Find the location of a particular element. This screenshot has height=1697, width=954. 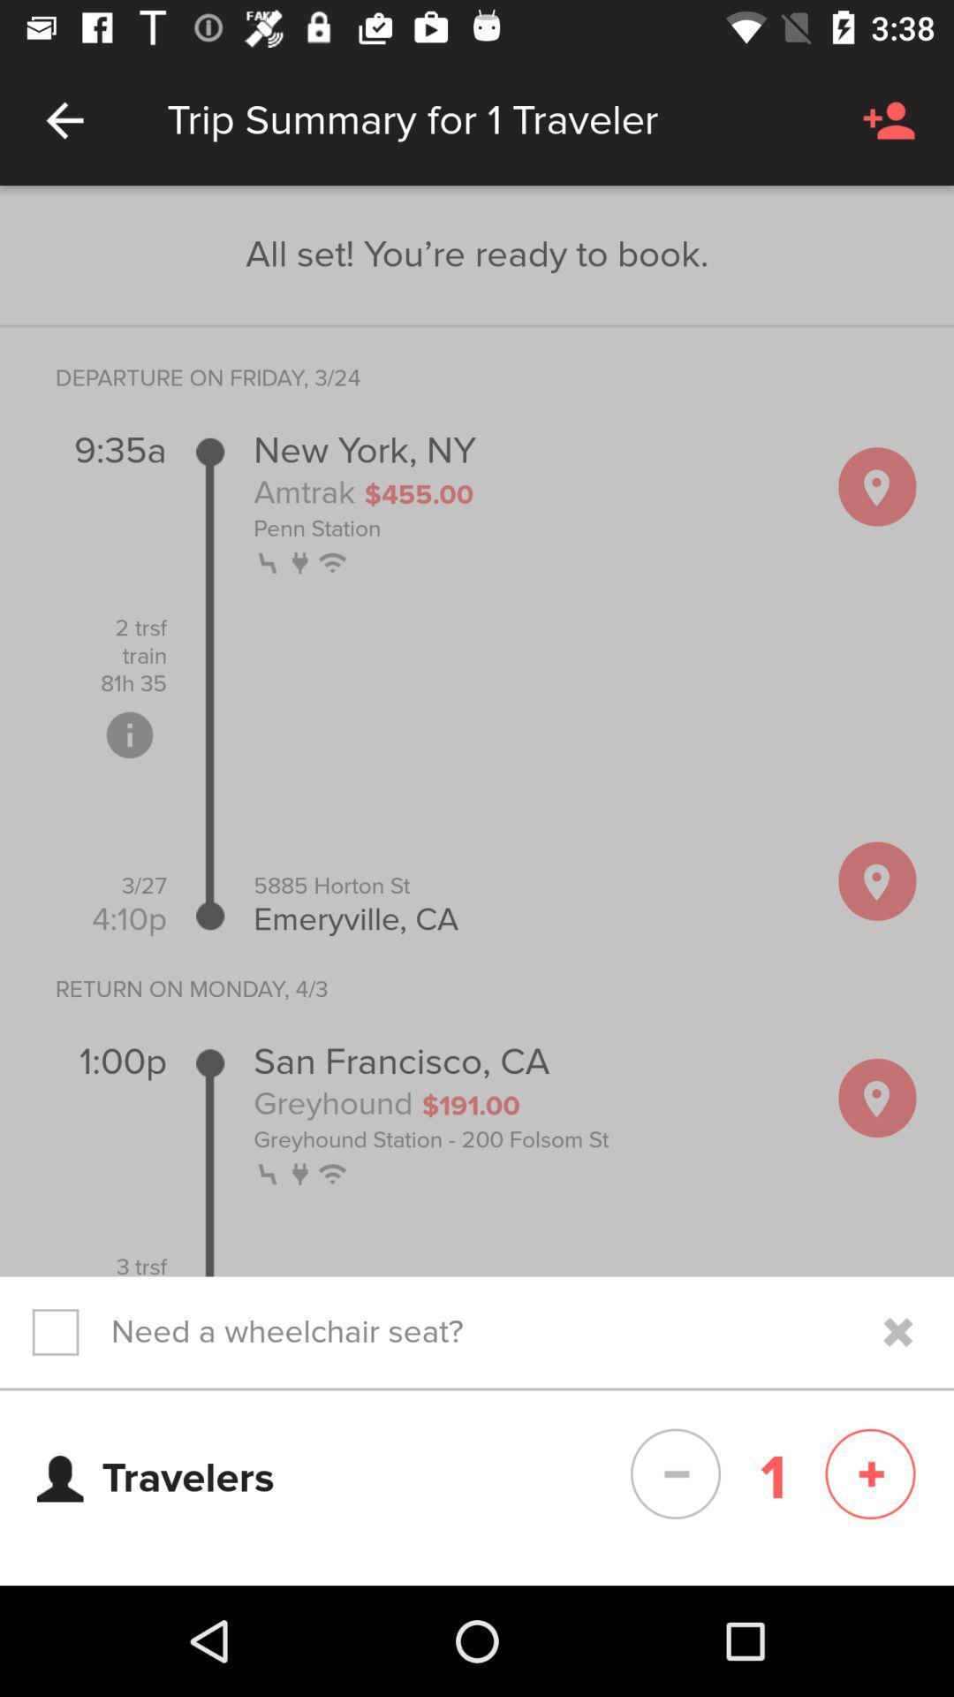

the add icon is located at coordinates (869, 1474).